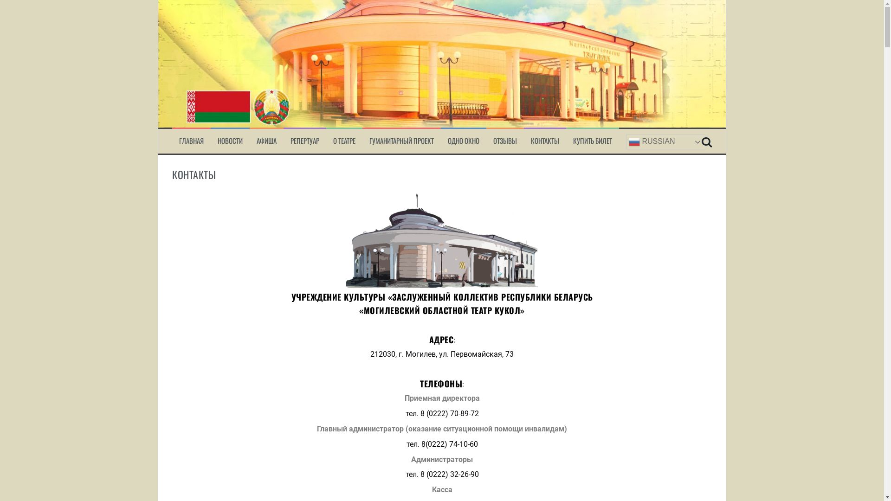 Image resolution: width=891 pixels, height=501 pixels. I want to click on 'RUSSIAN', so click(626, 141).